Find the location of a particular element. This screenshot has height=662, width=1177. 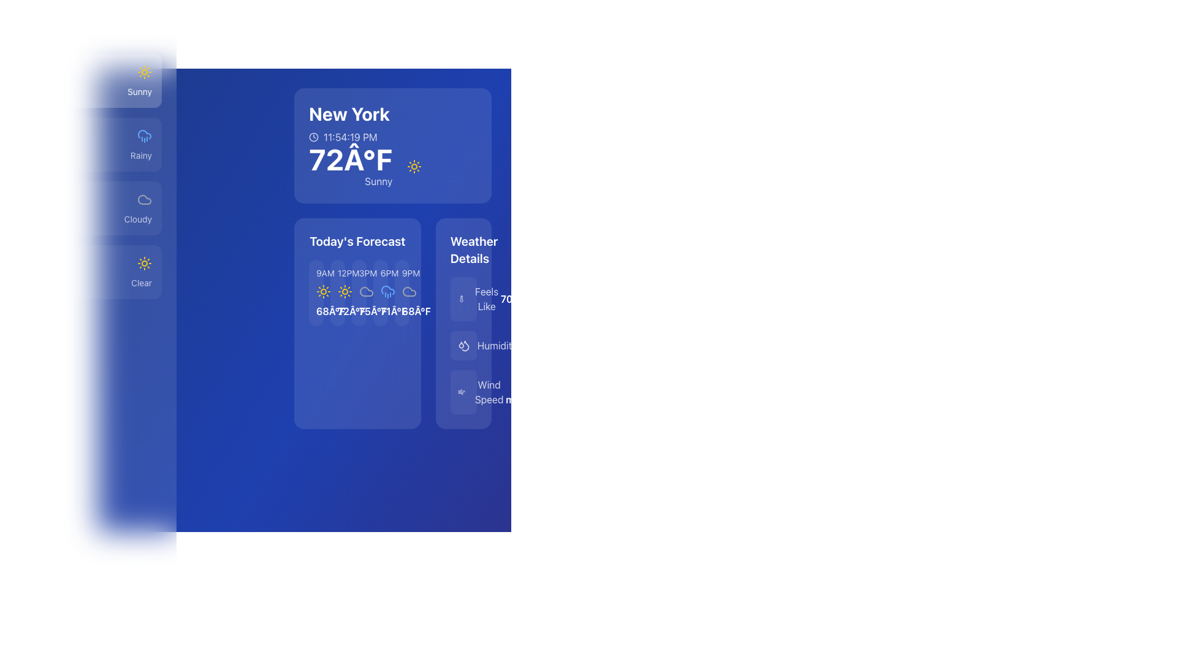

the 'Sunny' text label is located at coordinates (139, 91).